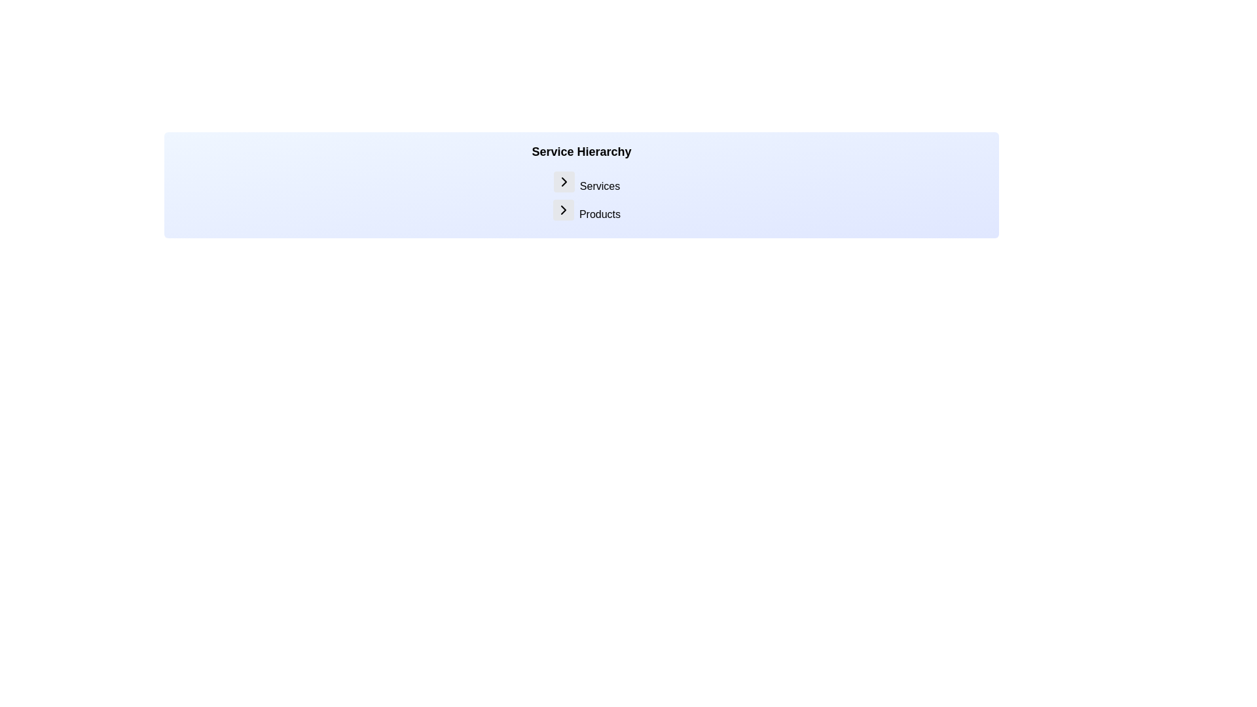  I want to click on the expandable button for the 'Products' category located near the left edge of the 'Products' text, so click(563, 209).